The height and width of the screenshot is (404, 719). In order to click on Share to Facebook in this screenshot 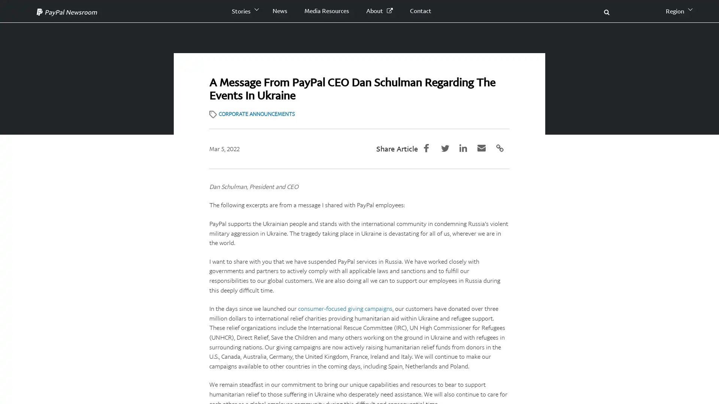, I will do `click(432, 147)`.